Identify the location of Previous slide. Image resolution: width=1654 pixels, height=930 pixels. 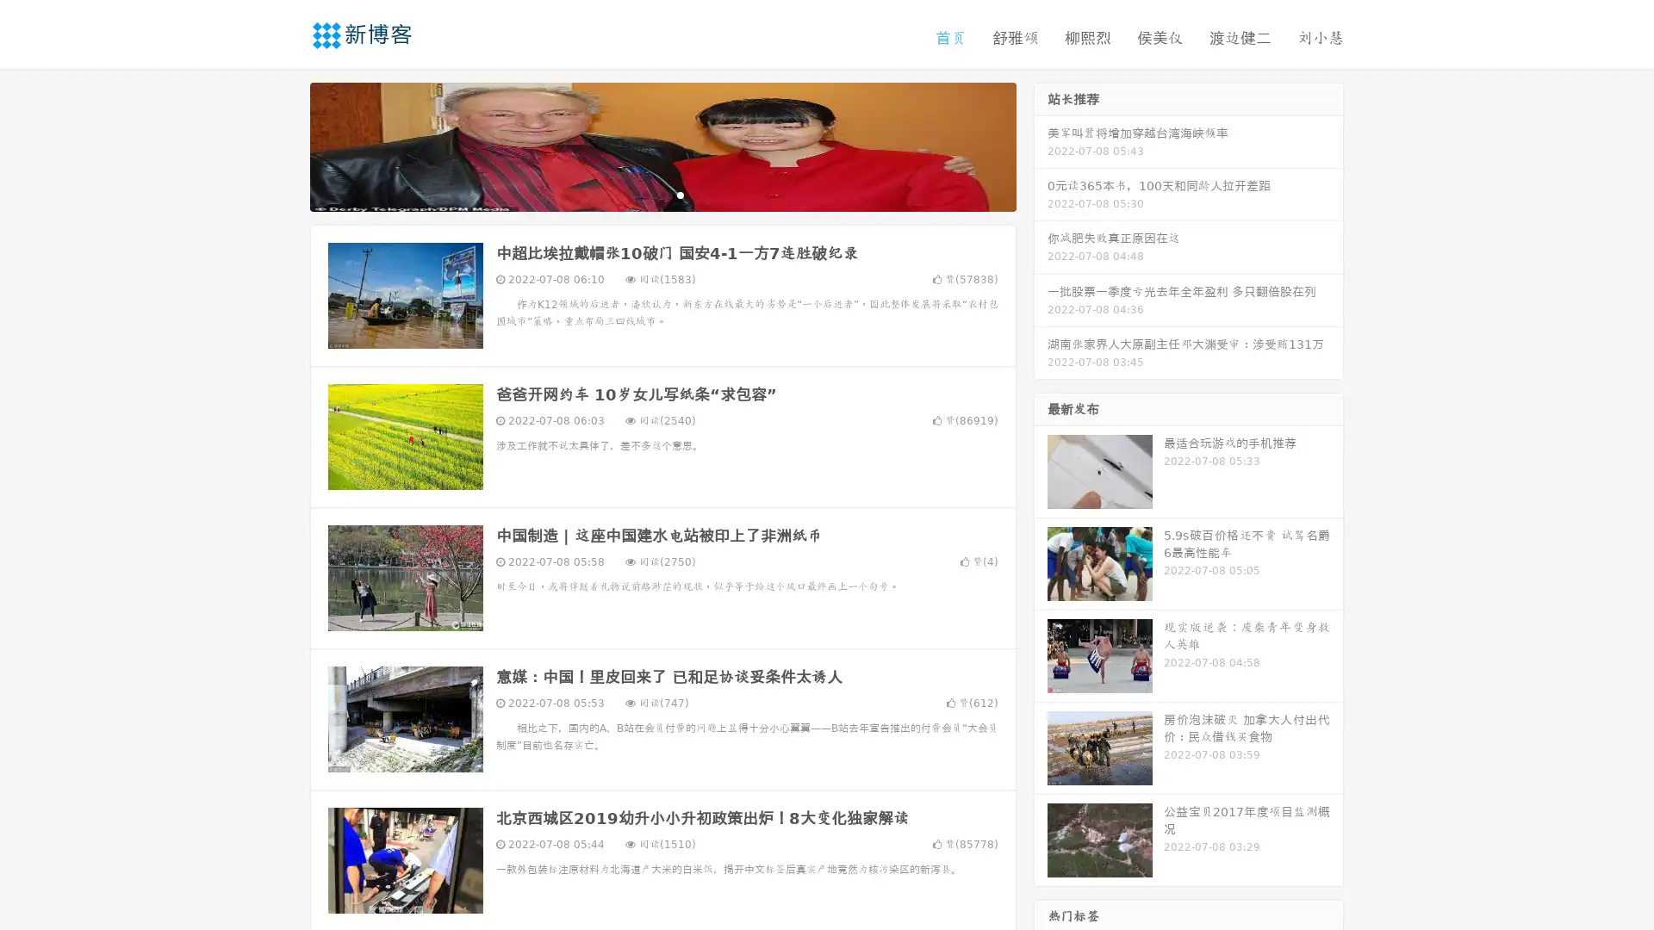
(284, 145).